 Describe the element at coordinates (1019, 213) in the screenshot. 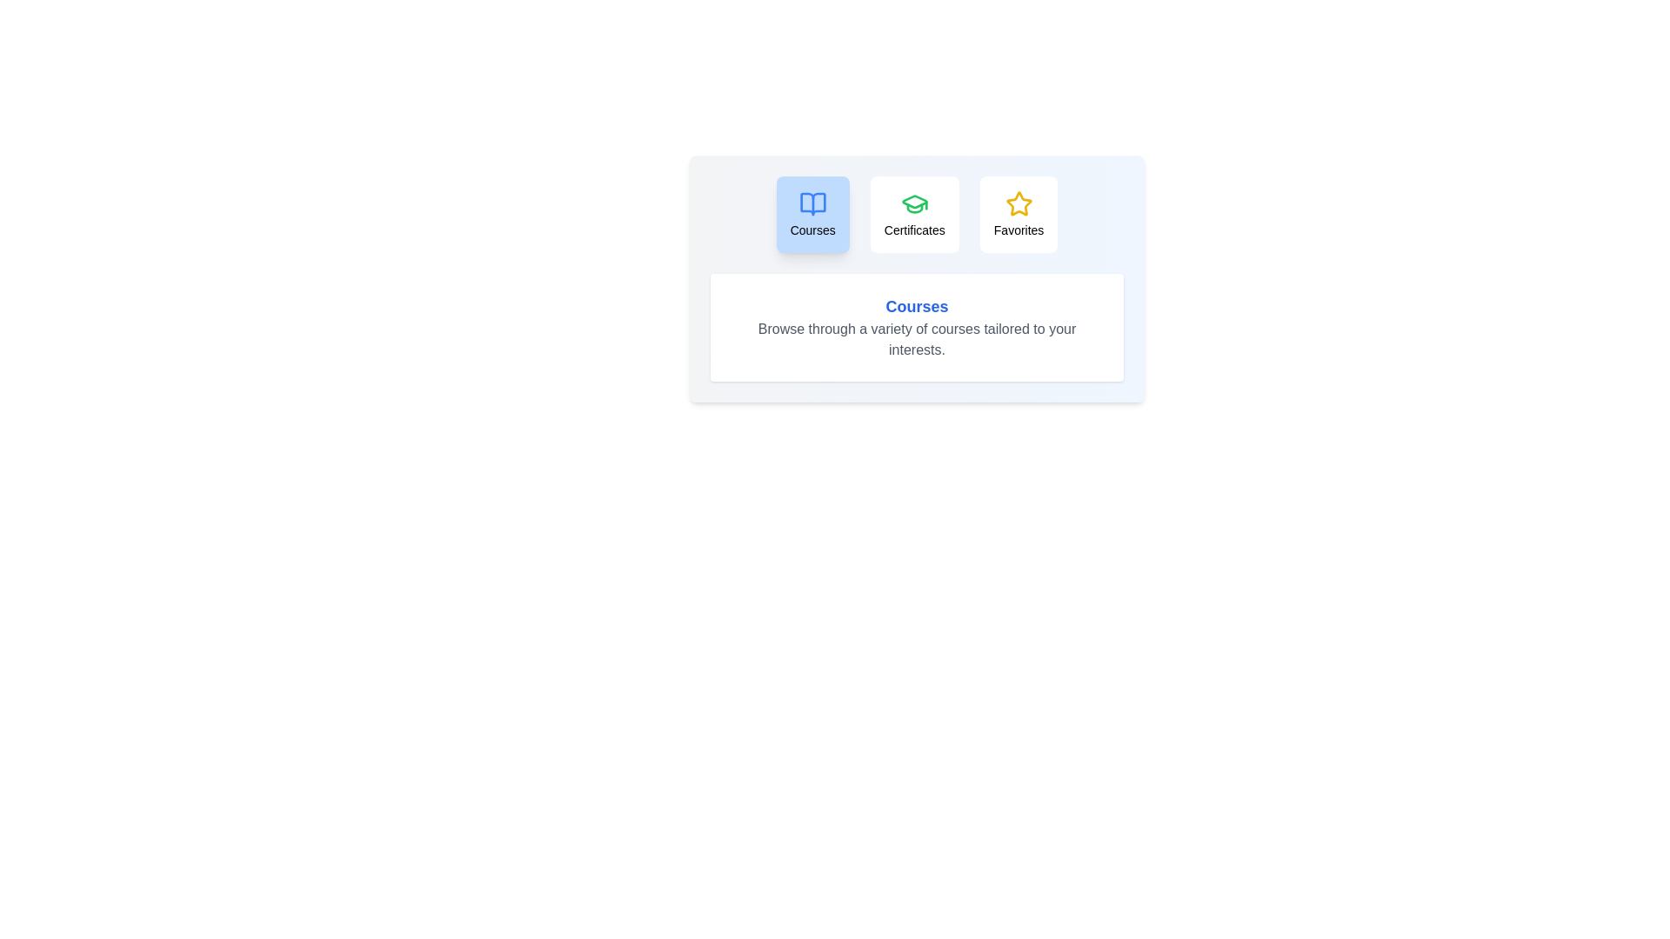

I see `the tab labeled Favorites to view its content` at that location.